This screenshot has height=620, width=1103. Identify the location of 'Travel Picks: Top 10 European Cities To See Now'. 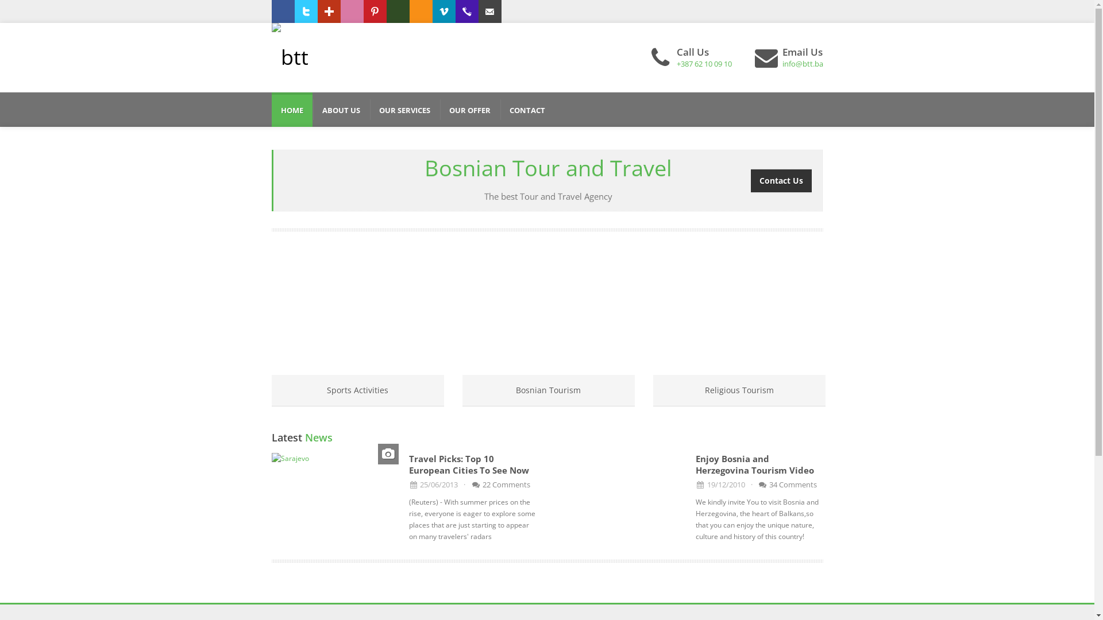
(469, 464).